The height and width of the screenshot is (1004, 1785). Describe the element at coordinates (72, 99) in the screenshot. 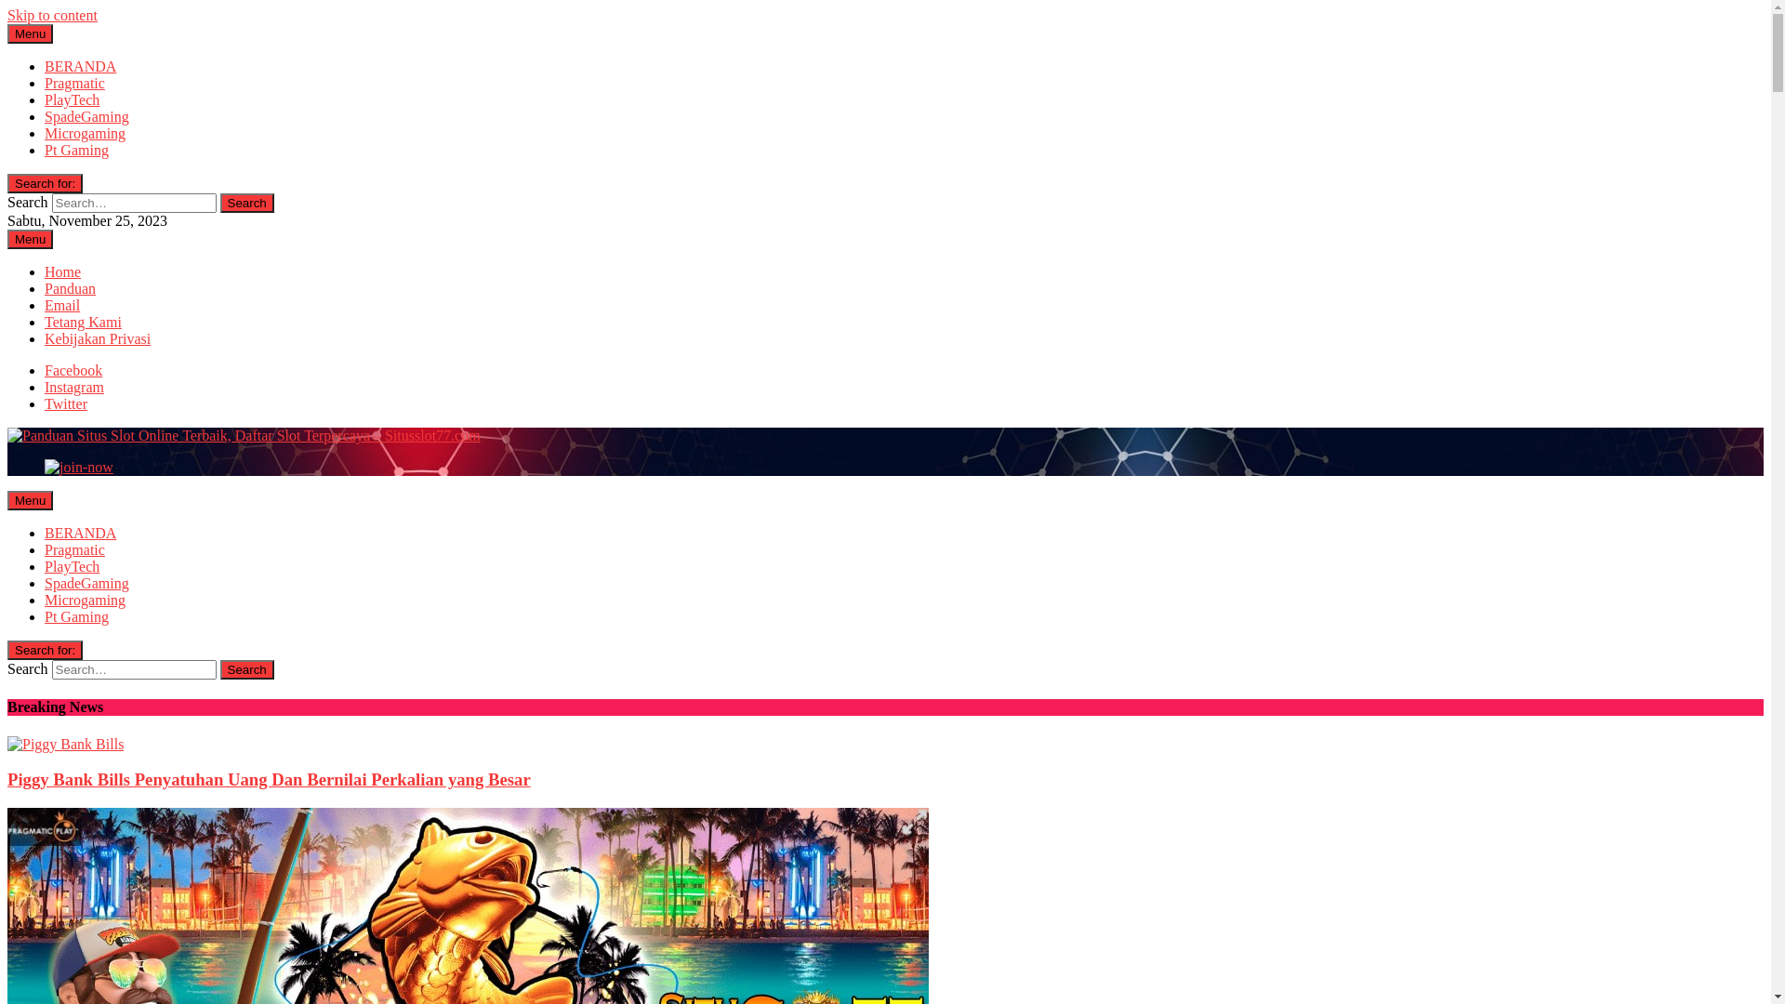

I see `'PlayTech'` at that location.